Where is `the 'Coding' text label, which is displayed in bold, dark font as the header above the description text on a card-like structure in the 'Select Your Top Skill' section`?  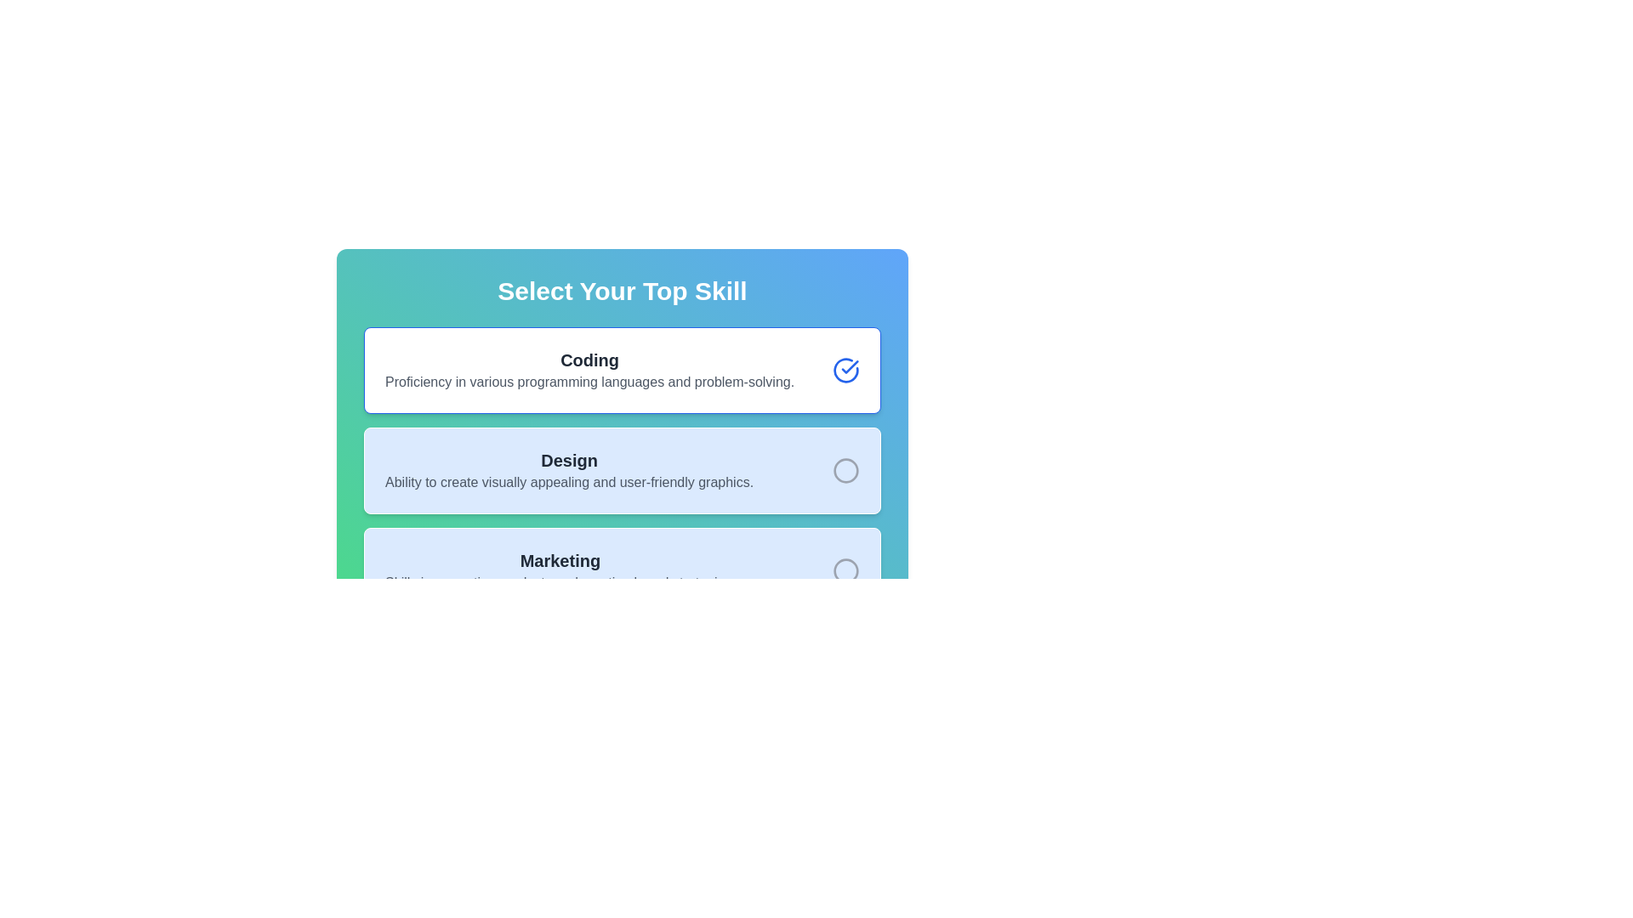 the 'Coding' text label, which is displayed in bold, dark font as the header above the description text on a card-like structure in the 'Select Your Top Skill' section is located at coordinates (589, 360).